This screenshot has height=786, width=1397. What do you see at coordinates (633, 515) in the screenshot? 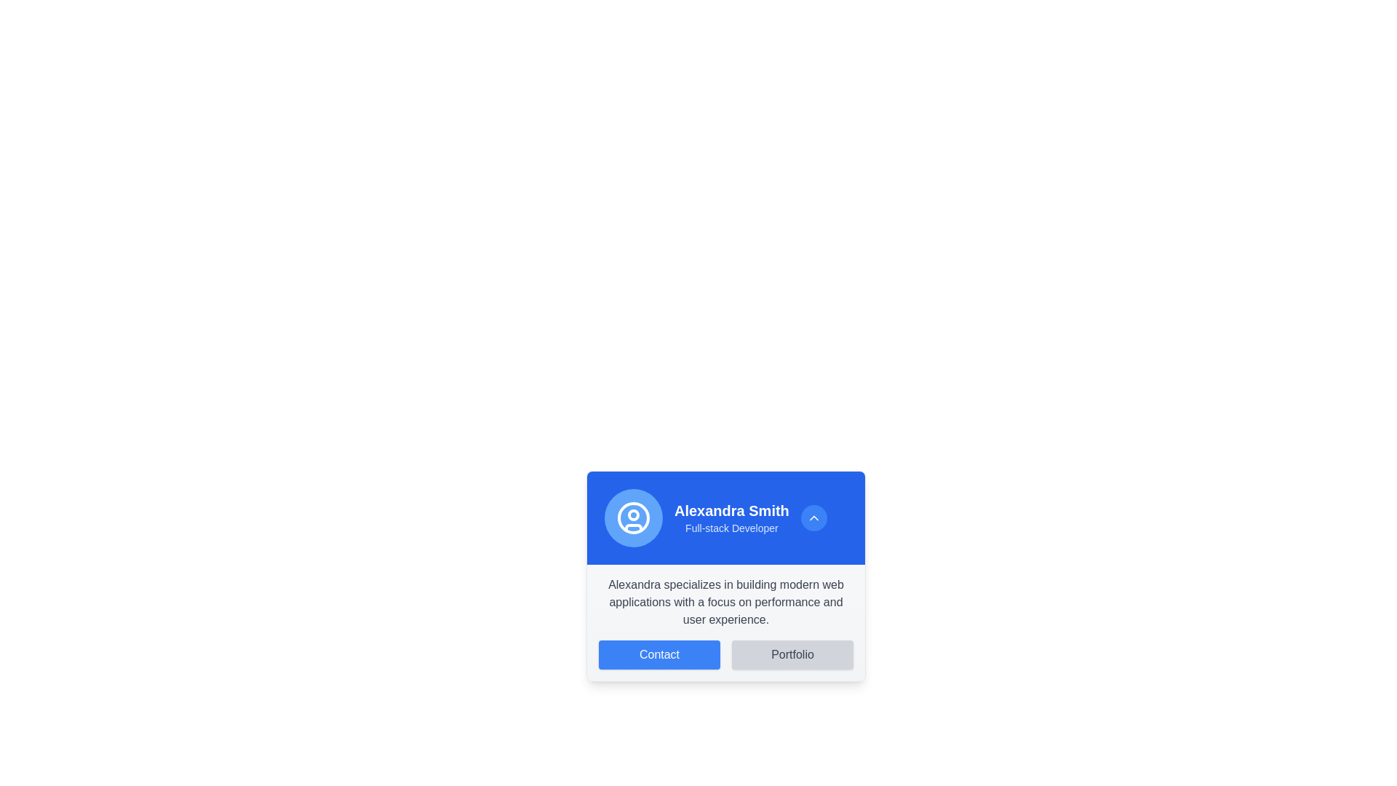
I see `the SVG Circle element that serves as a decorative feature within the profile icon, representing a detail in a user avatar` at bounding box center [633, 515].